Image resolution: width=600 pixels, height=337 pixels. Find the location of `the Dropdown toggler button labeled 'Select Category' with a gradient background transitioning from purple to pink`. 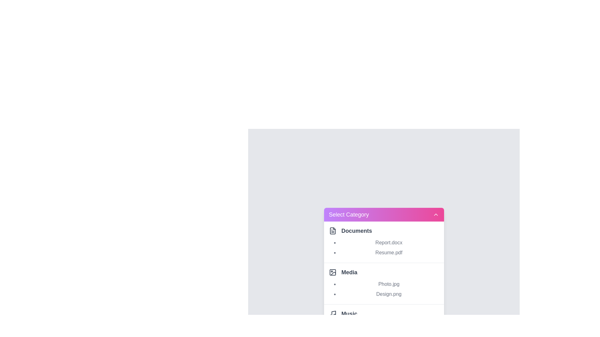

the Dropdown toggler button labeled 'Select Category' with a gradient background transitioning from purple to pink is located at coordinates (383, 214).